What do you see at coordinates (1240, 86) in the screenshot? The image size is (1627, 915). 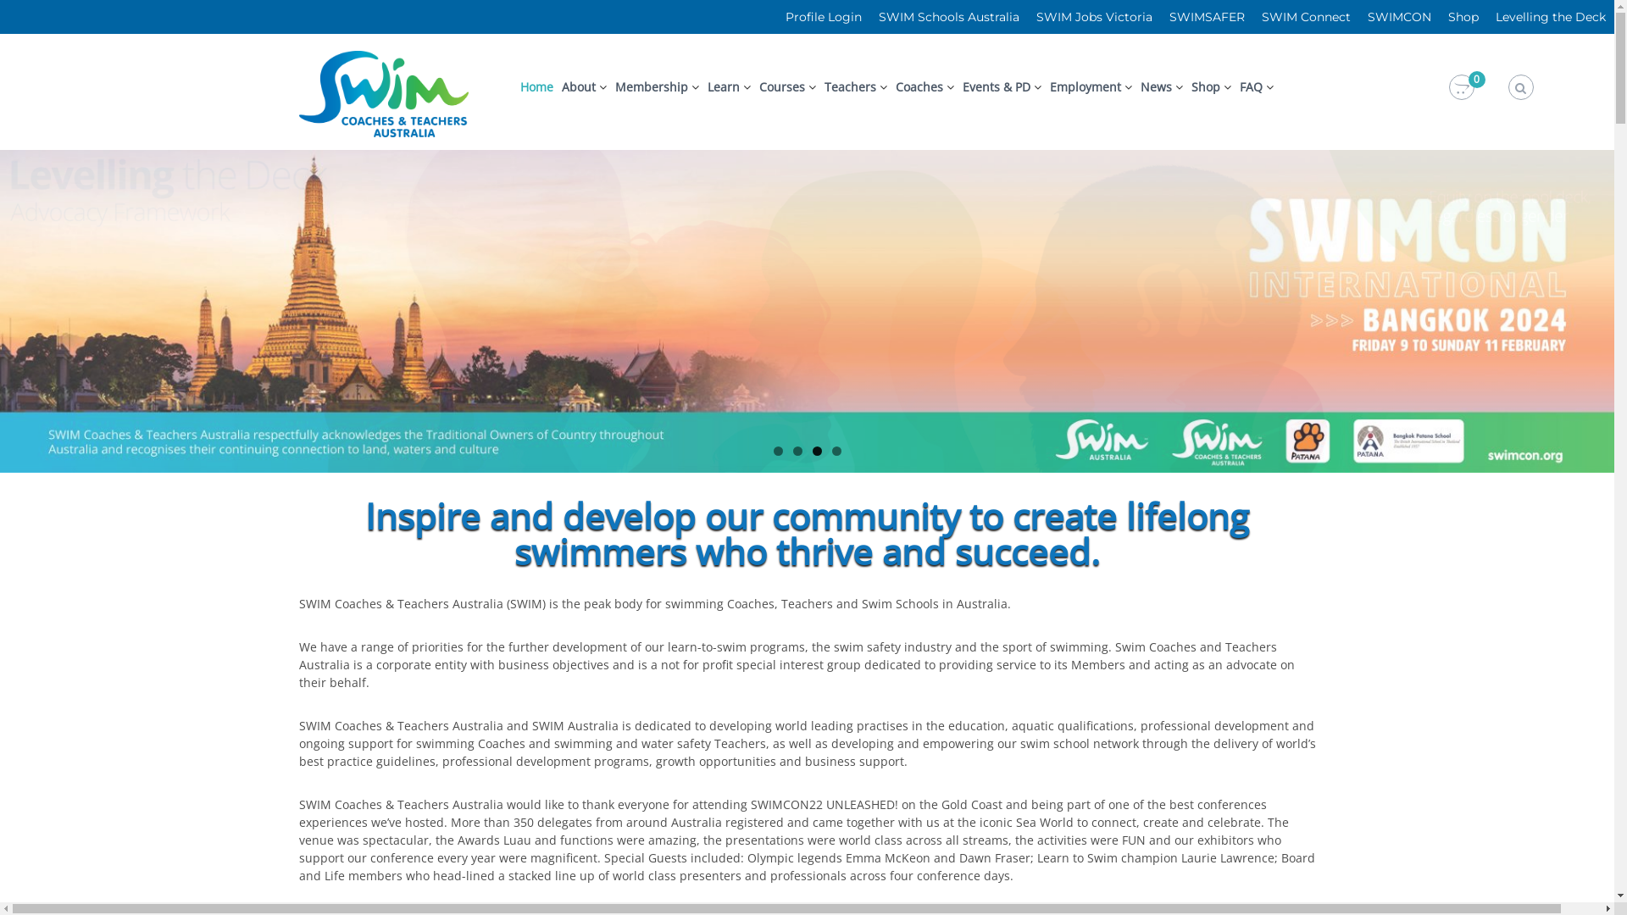 I see `'FAQ'` at bounding box center [1240, 86].